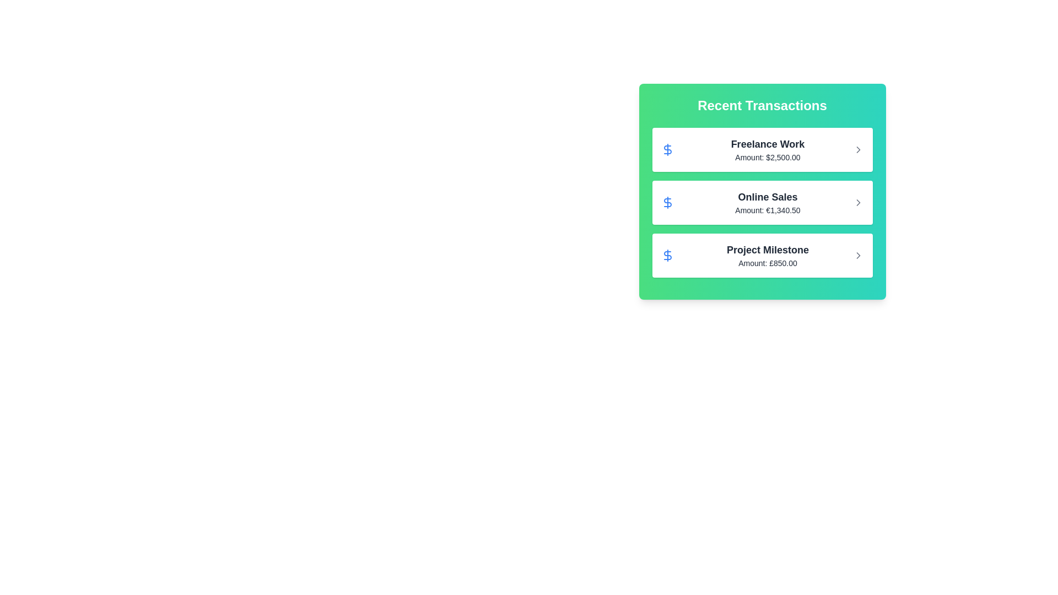 The width and height of the screenshot is (1058, 595). What do you see at coordinates (767, 202) in the screenshot?
I see `the Text Display element that shows 'Online Sales' and 'Amount: €1,340.50', which is located in the Recent Transactions panel` at bounding box center [767, 202].